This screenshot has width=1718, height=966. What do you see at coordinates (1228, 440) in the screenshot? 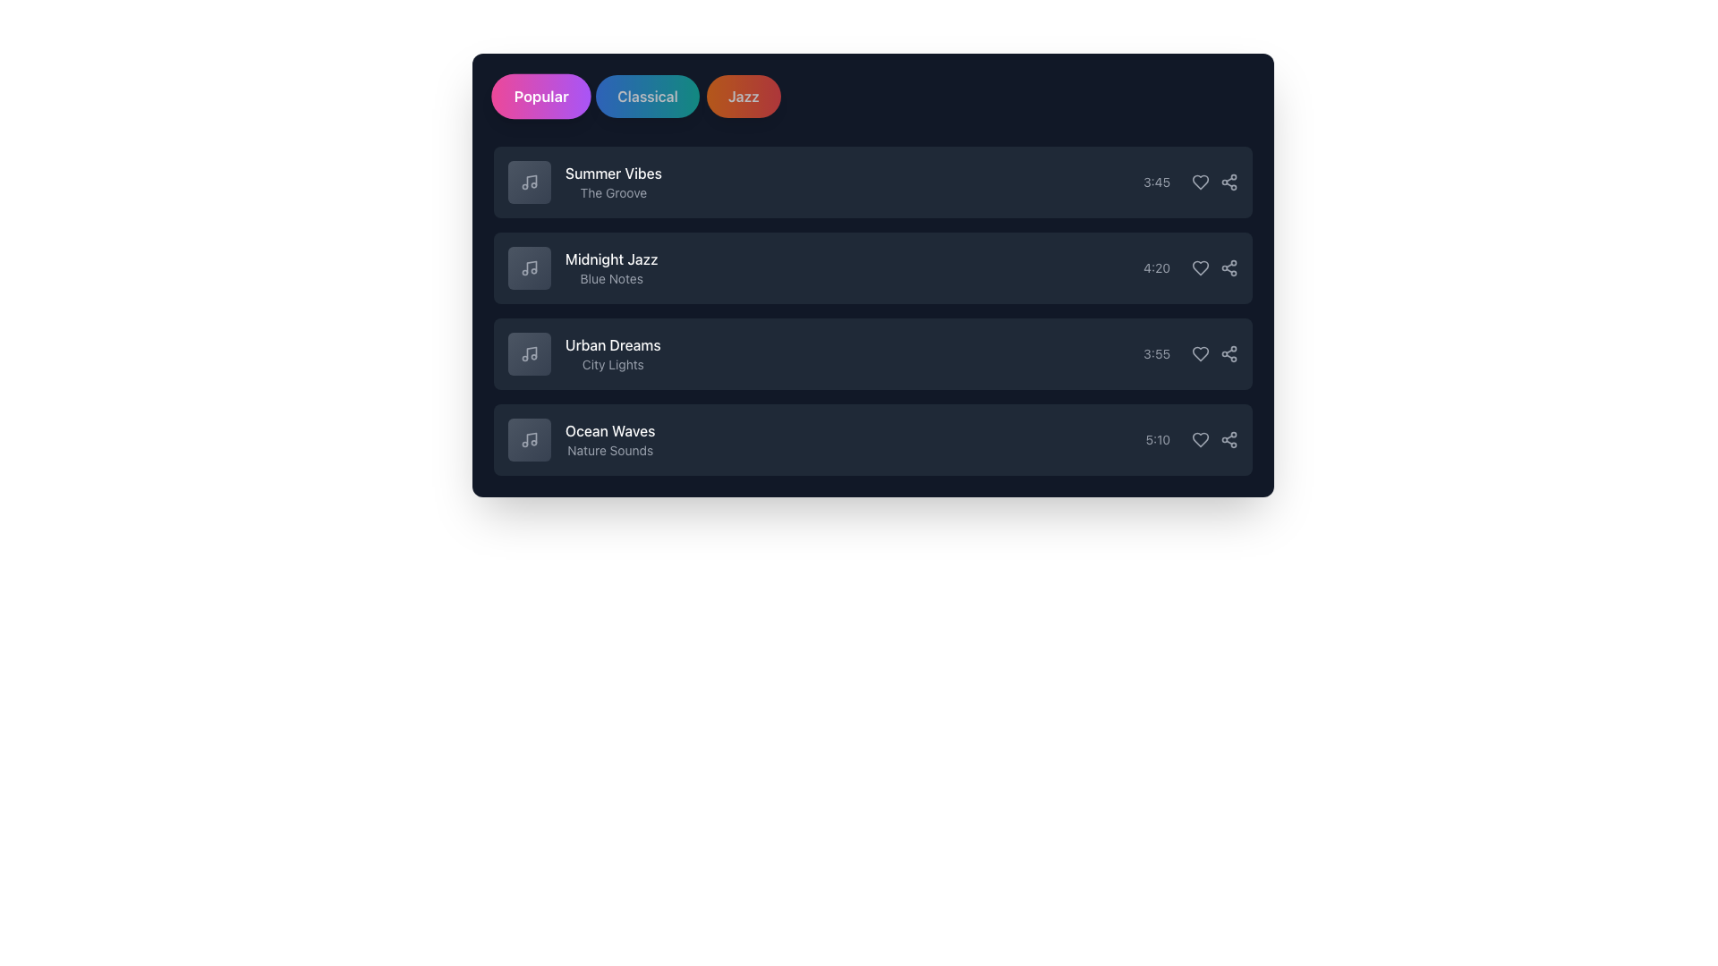
I see `the interactive share icon located` at bounding box center [1228, 440].